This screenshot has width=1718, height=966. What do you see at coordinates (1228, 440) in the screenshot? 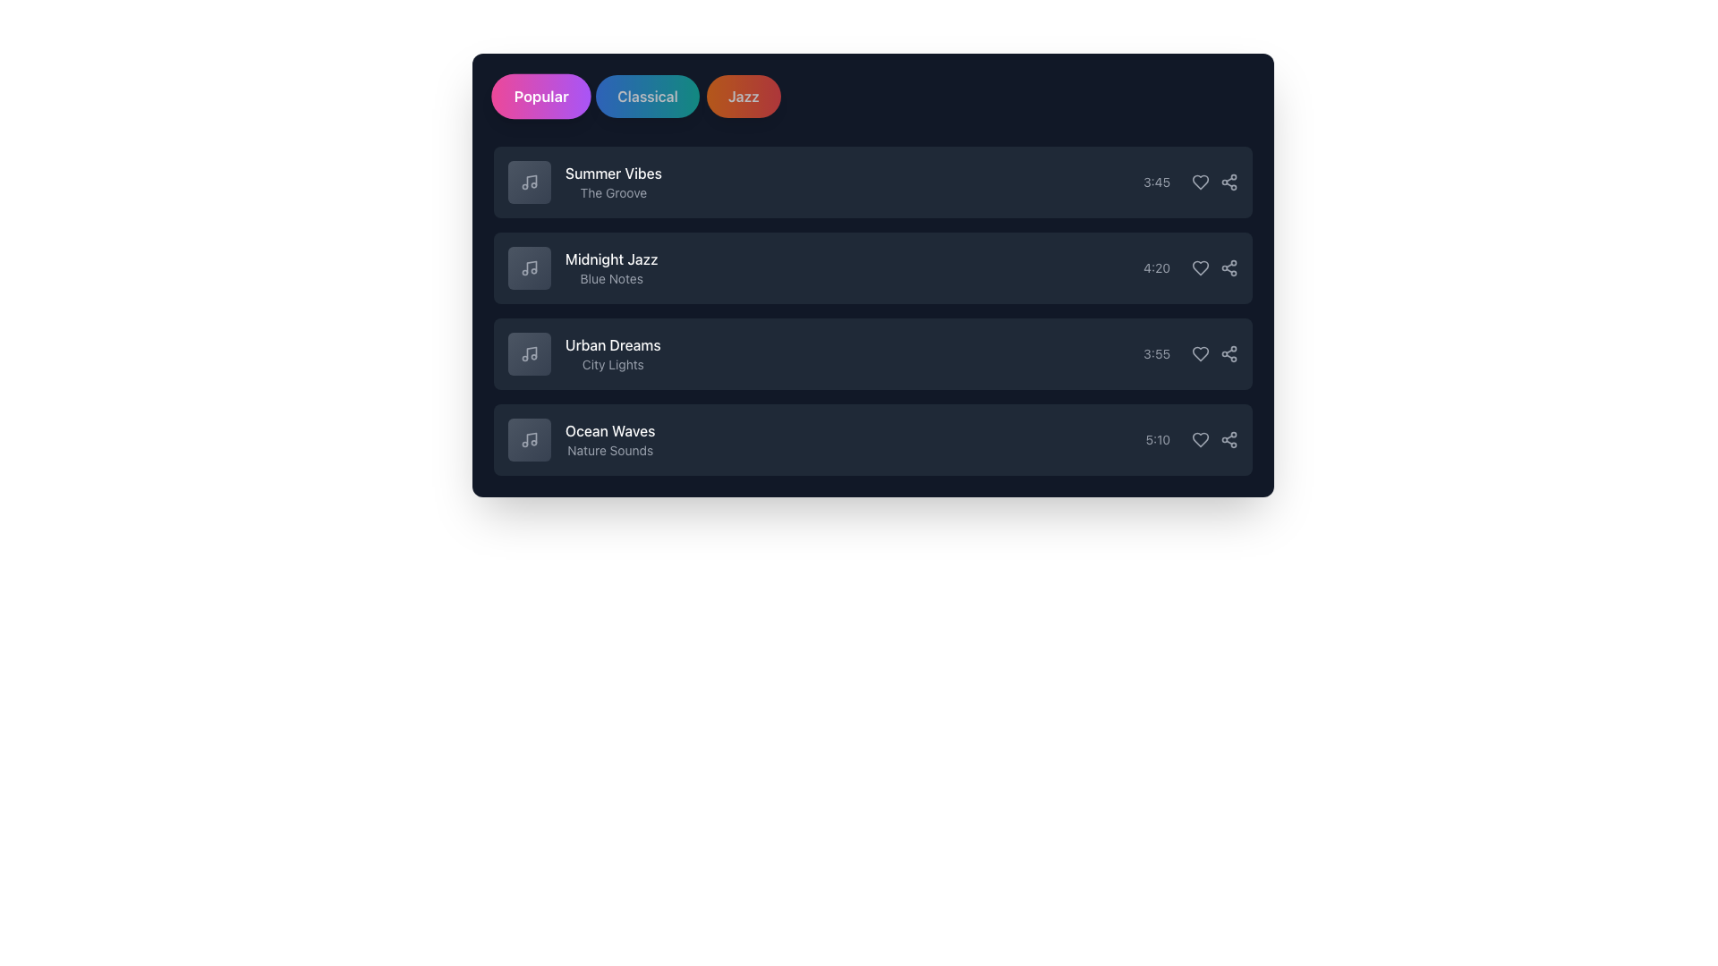
I see `the interactive share icon located` at bounding box center [1228, 440].